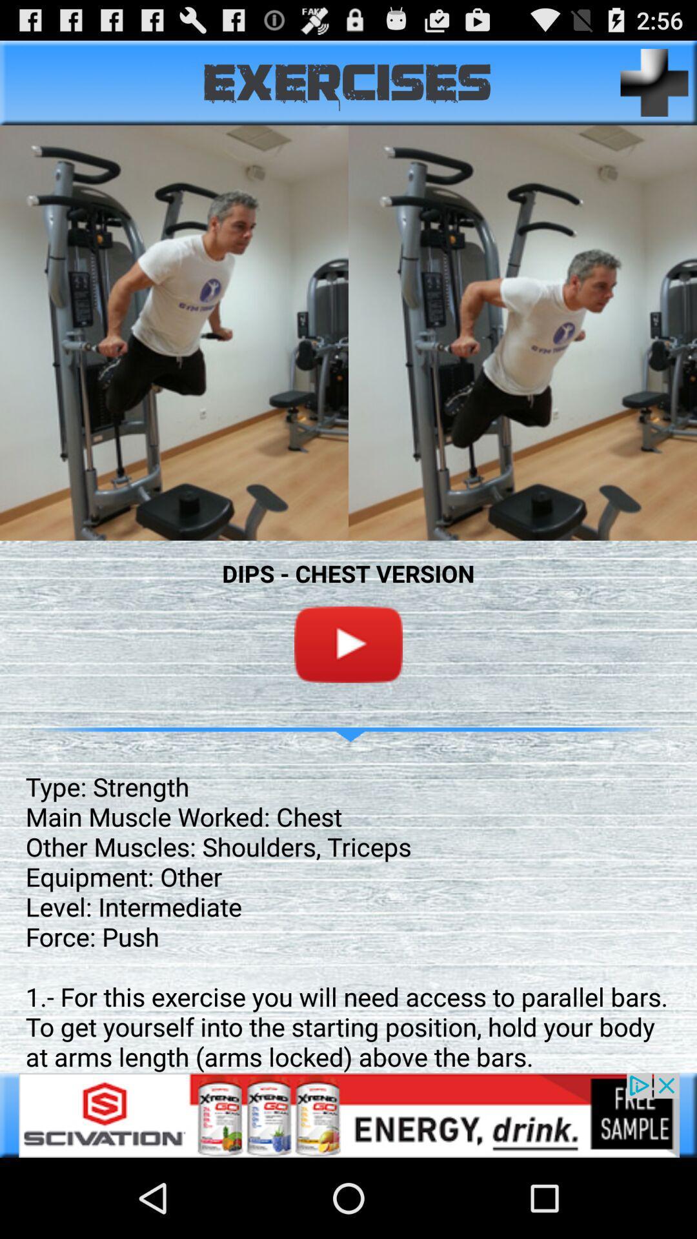 This screenshot has width=697, height=1239. What do you see at coordinates (348, 1114) in the screenshot?
I see `share the article` at bounding box center [348, 1114].